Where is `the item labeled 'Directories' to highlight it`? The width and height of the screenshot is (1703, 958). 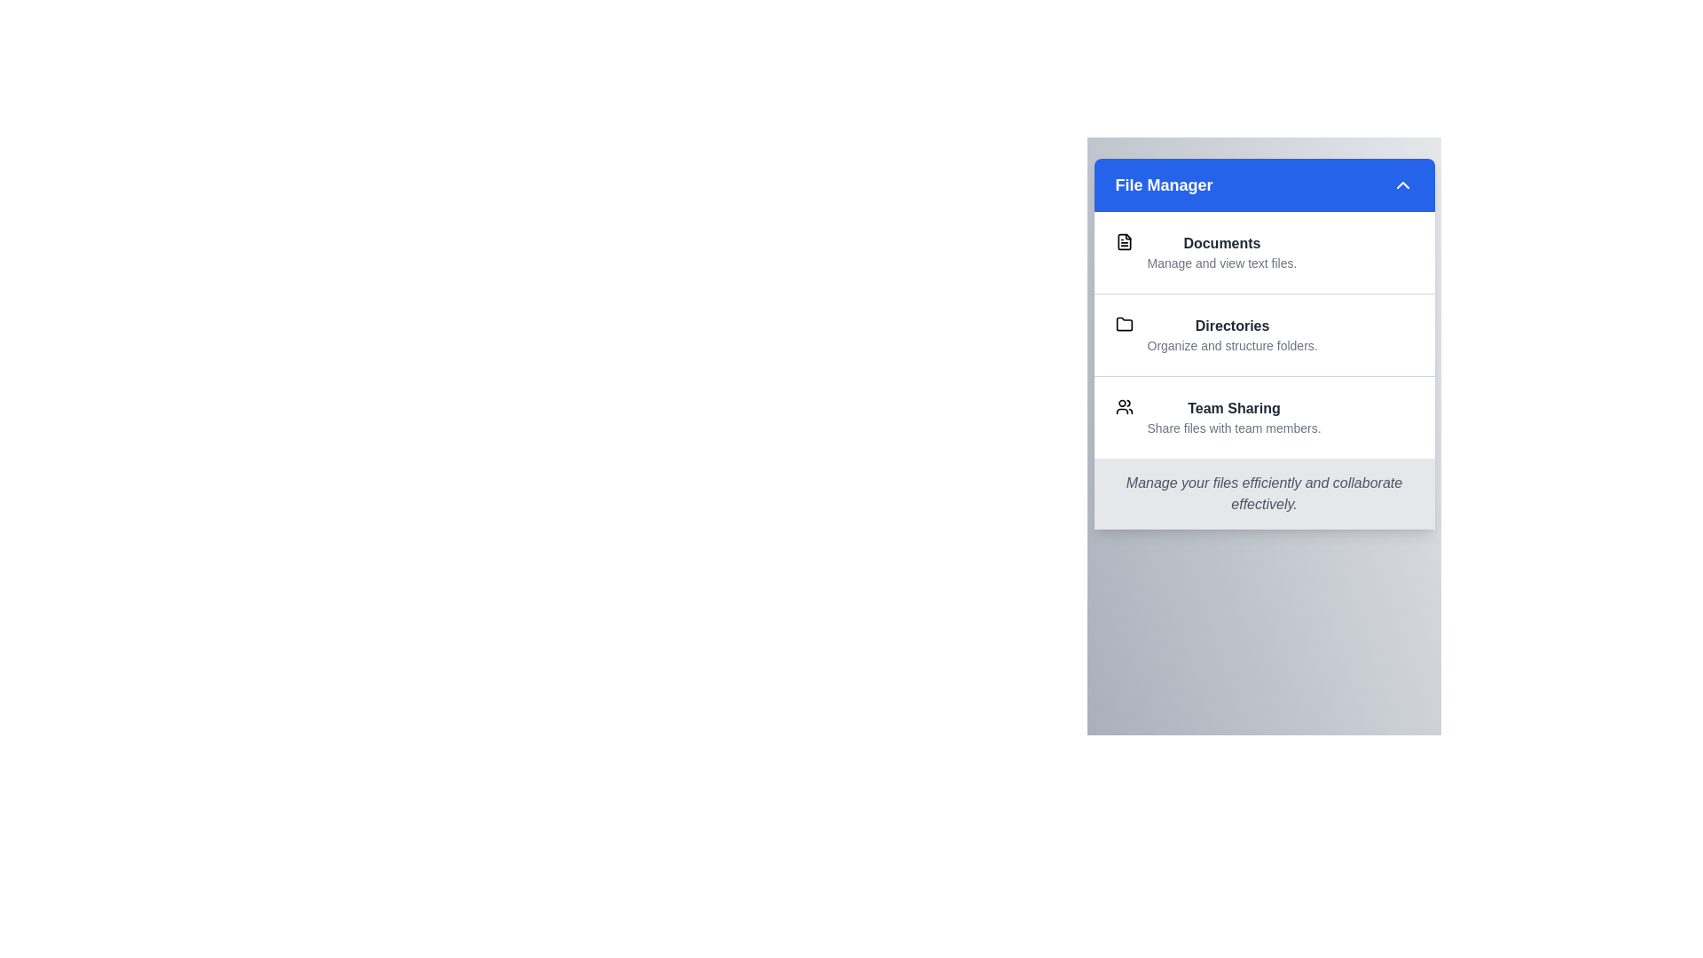 the item labeled 'Directories' to highlight it is located at coordinates (1263, 334).